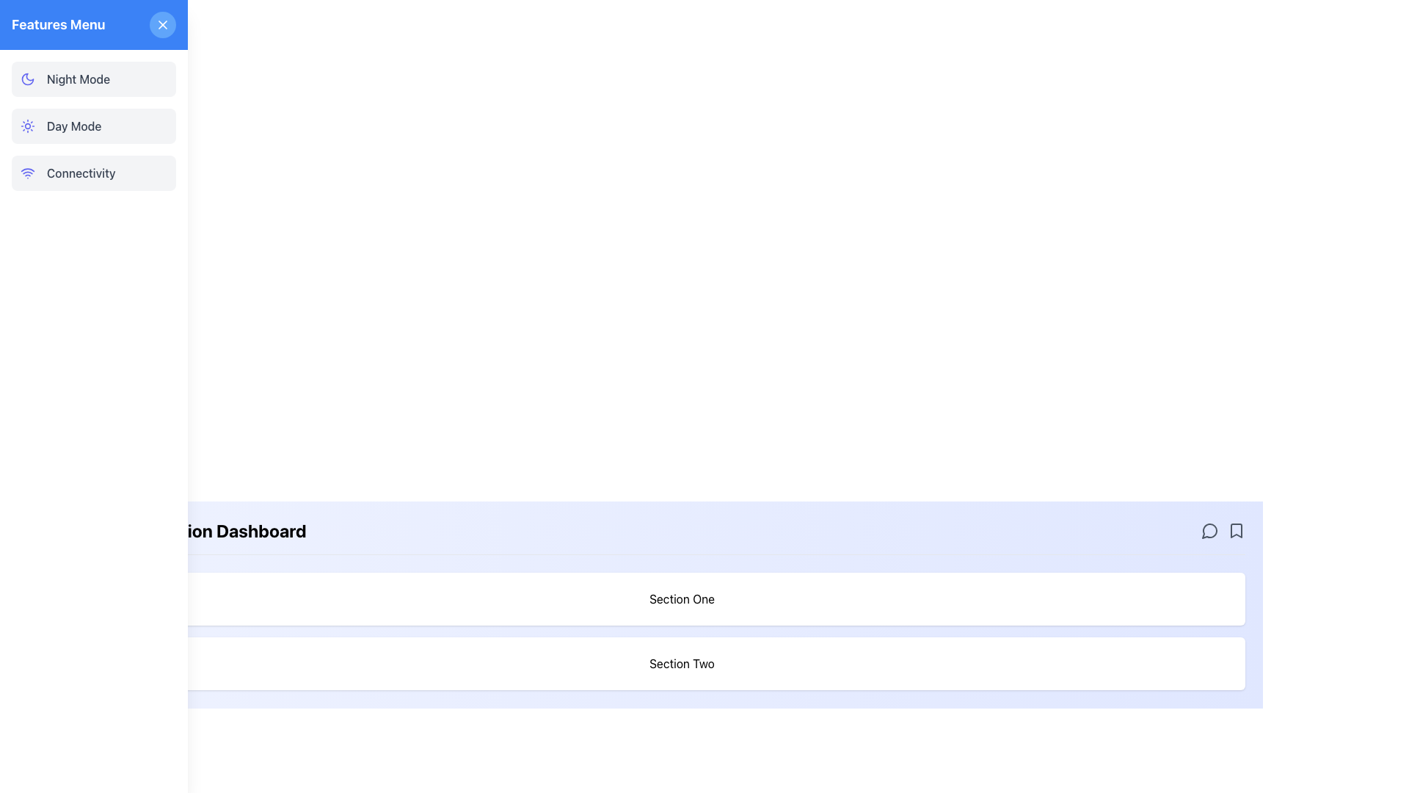 The width and height of the screenshot is (1409, 793). Describe the element at coordinates (162, 25) in the screenshot. I see `the close icon located at the top right corner of a circular button, which is part of the 'Features Menu' interface` at that location.